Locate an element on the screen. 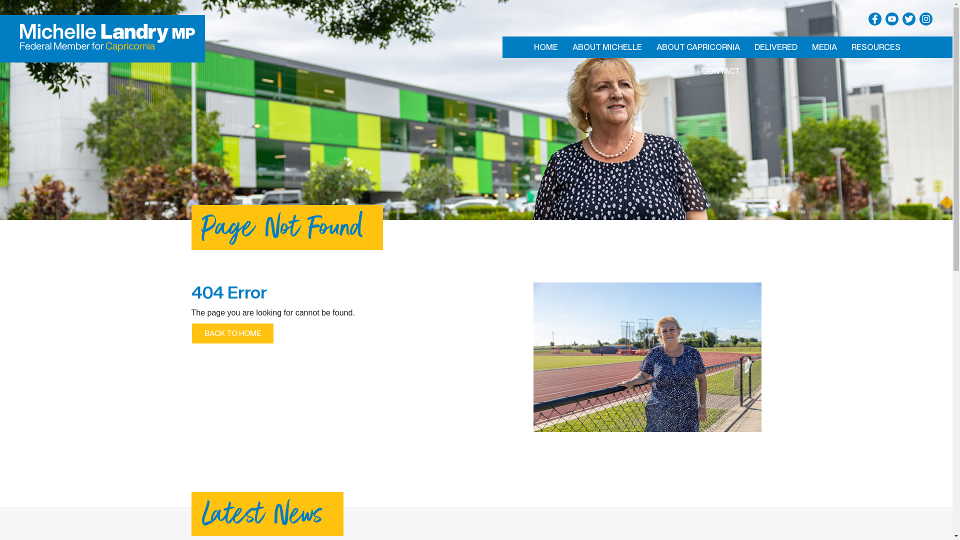 Image resolution: width=960 pixels, height=540 pixels. 'BACK TO HOME' is located at coordinates (191, 333).